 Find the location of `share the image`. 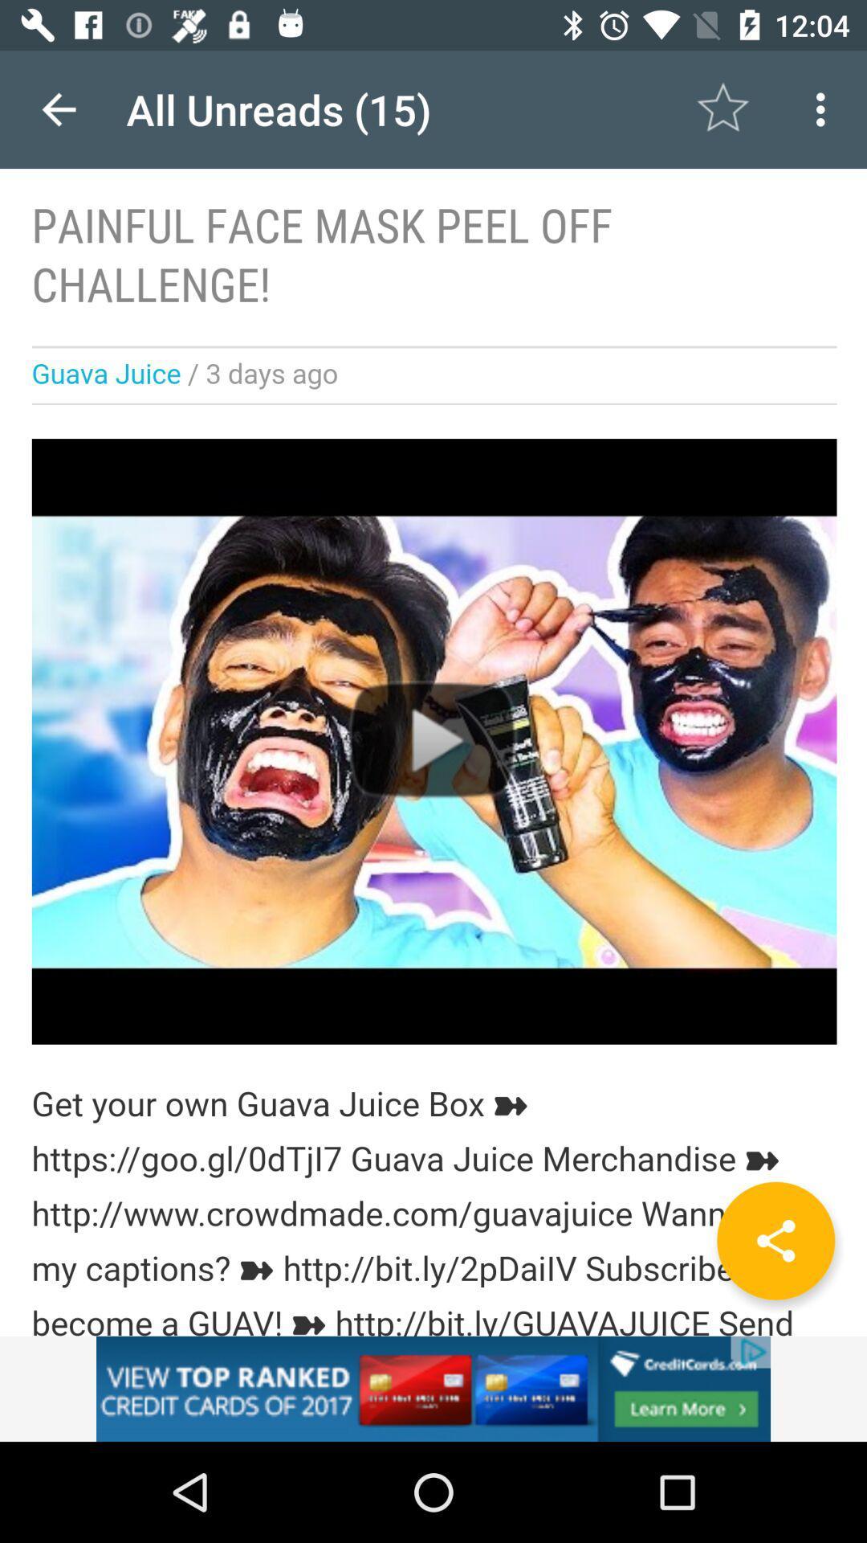

share the image is located at coordinates (775, 1240).